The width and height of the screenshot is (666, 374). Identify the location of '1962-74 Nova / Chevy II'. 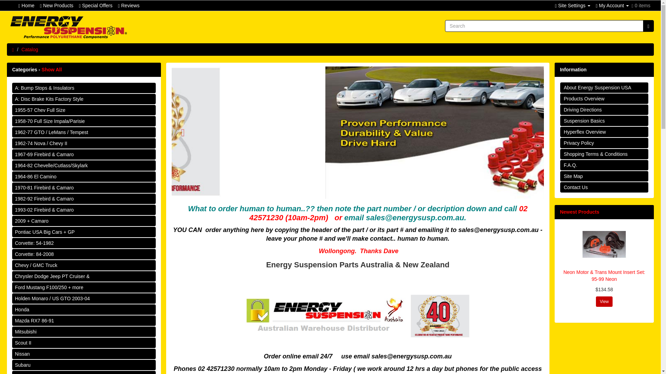
(83, 143).